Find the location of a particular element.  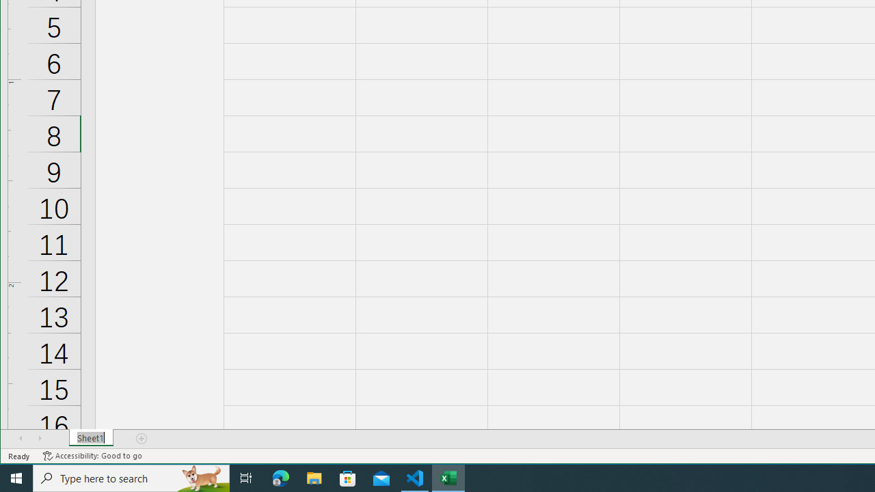

'Visual Studio Code - 1 running window' is located at coordinates (414, 477).